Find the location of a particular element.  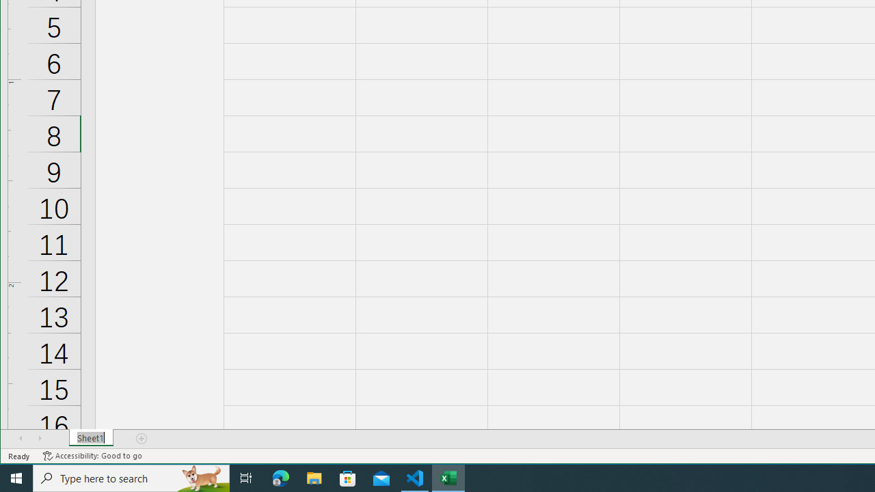

'Visual Studio Code - 1 running window' is located at coordinates (414, 477).